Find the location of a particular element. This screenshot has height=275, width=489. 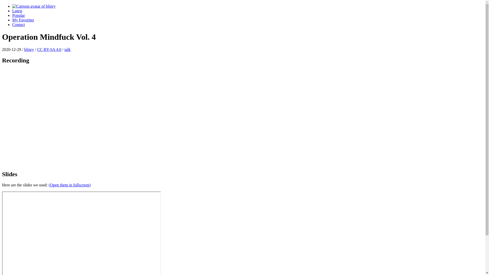

'Popular' is located at coordinates (18, 15).